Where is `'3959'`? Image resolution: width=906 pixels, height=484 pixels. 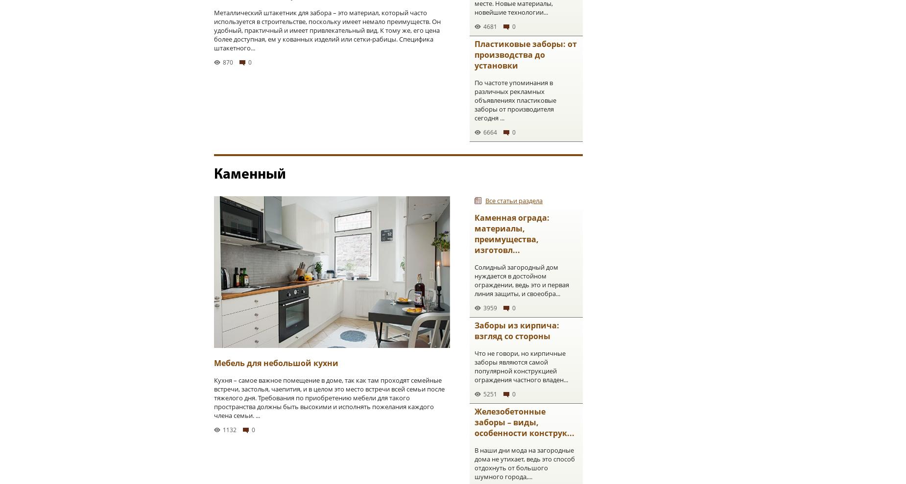
'3959' is located at coordinates (490, 308).